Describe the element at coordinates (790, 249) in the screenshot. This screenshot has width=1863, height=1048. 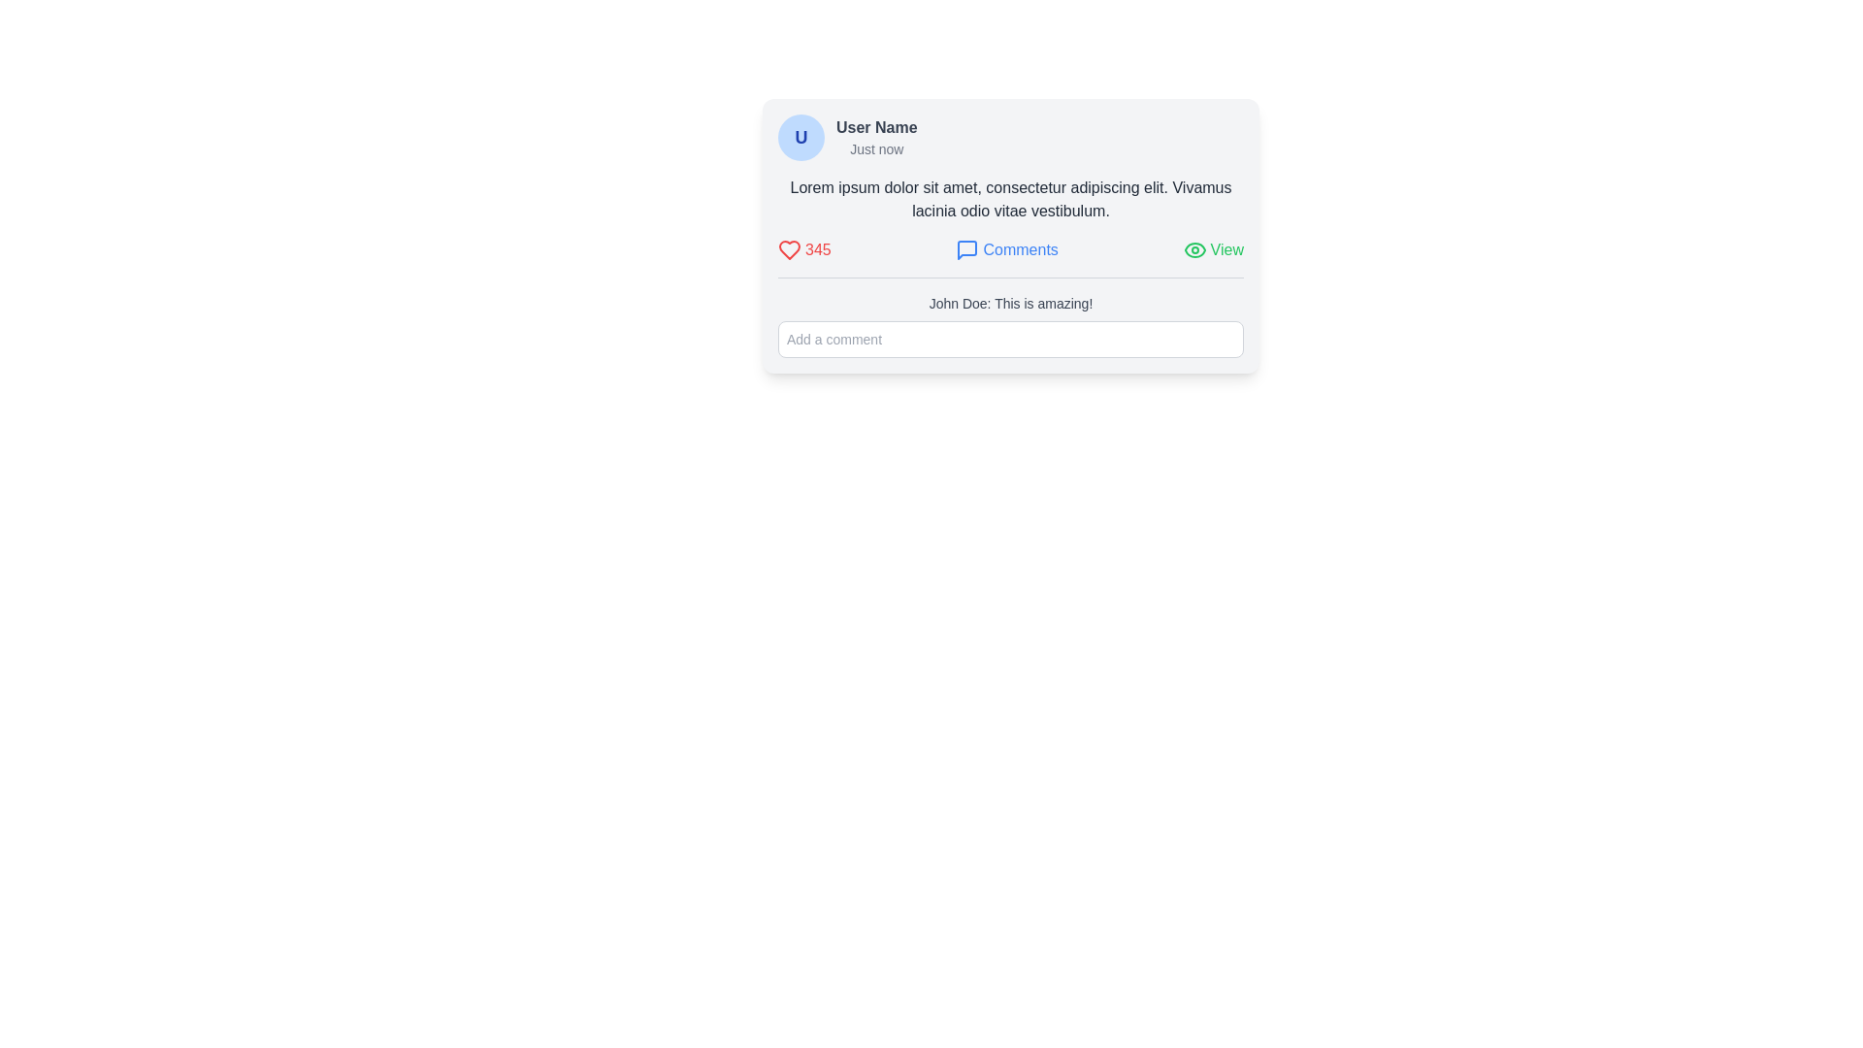
I see `the heart icon located in the bottom-left area of the card layout to like or unlike the post` at that location.